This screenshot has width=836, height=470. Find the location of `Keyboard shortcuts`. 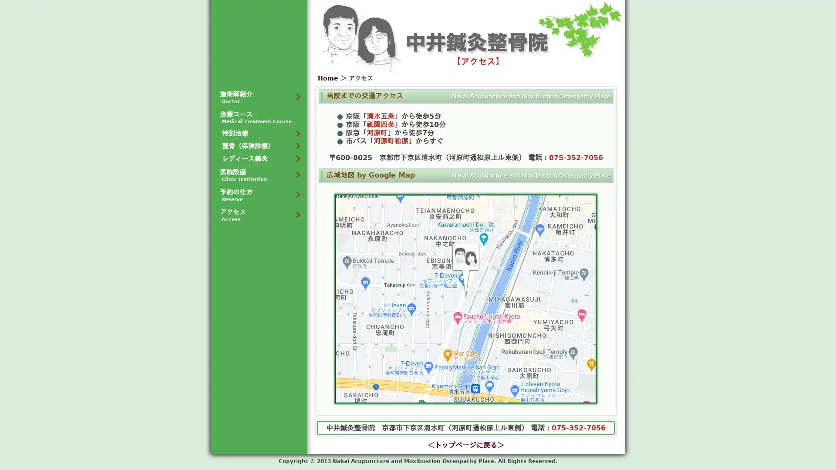

Keyboard shortcuts is located at coordinates (465, 399).